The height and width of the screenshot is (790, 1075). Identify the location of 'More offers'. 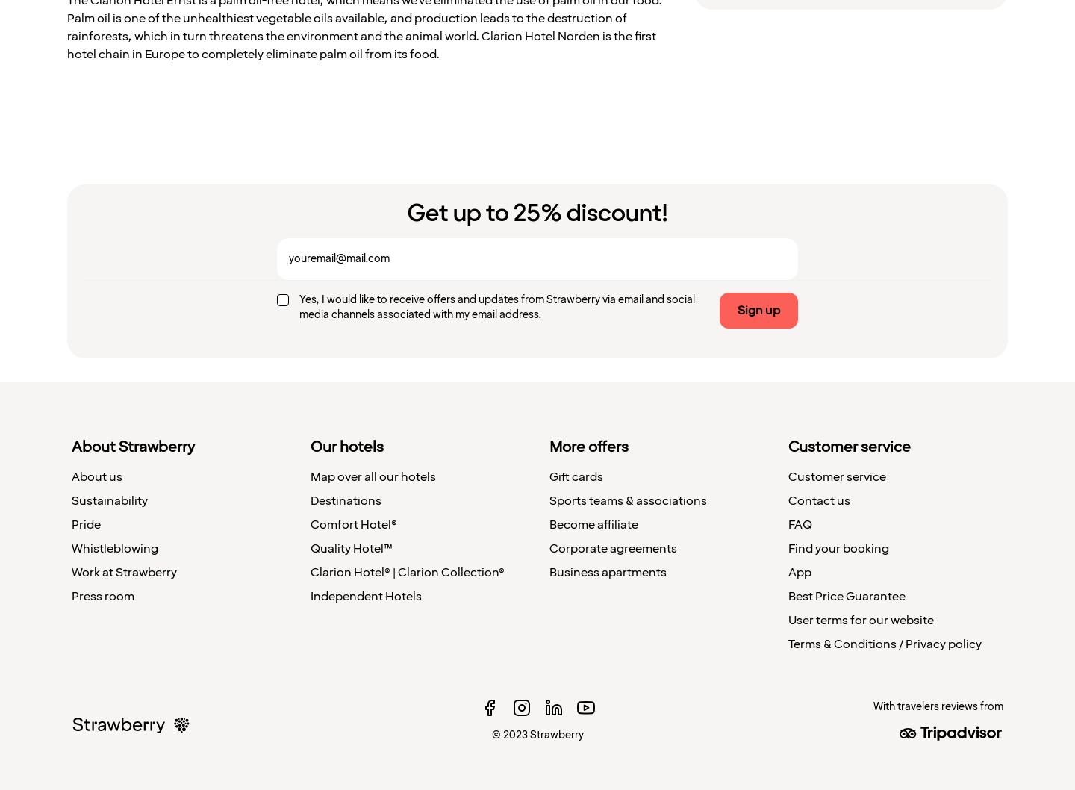
(548, 446).